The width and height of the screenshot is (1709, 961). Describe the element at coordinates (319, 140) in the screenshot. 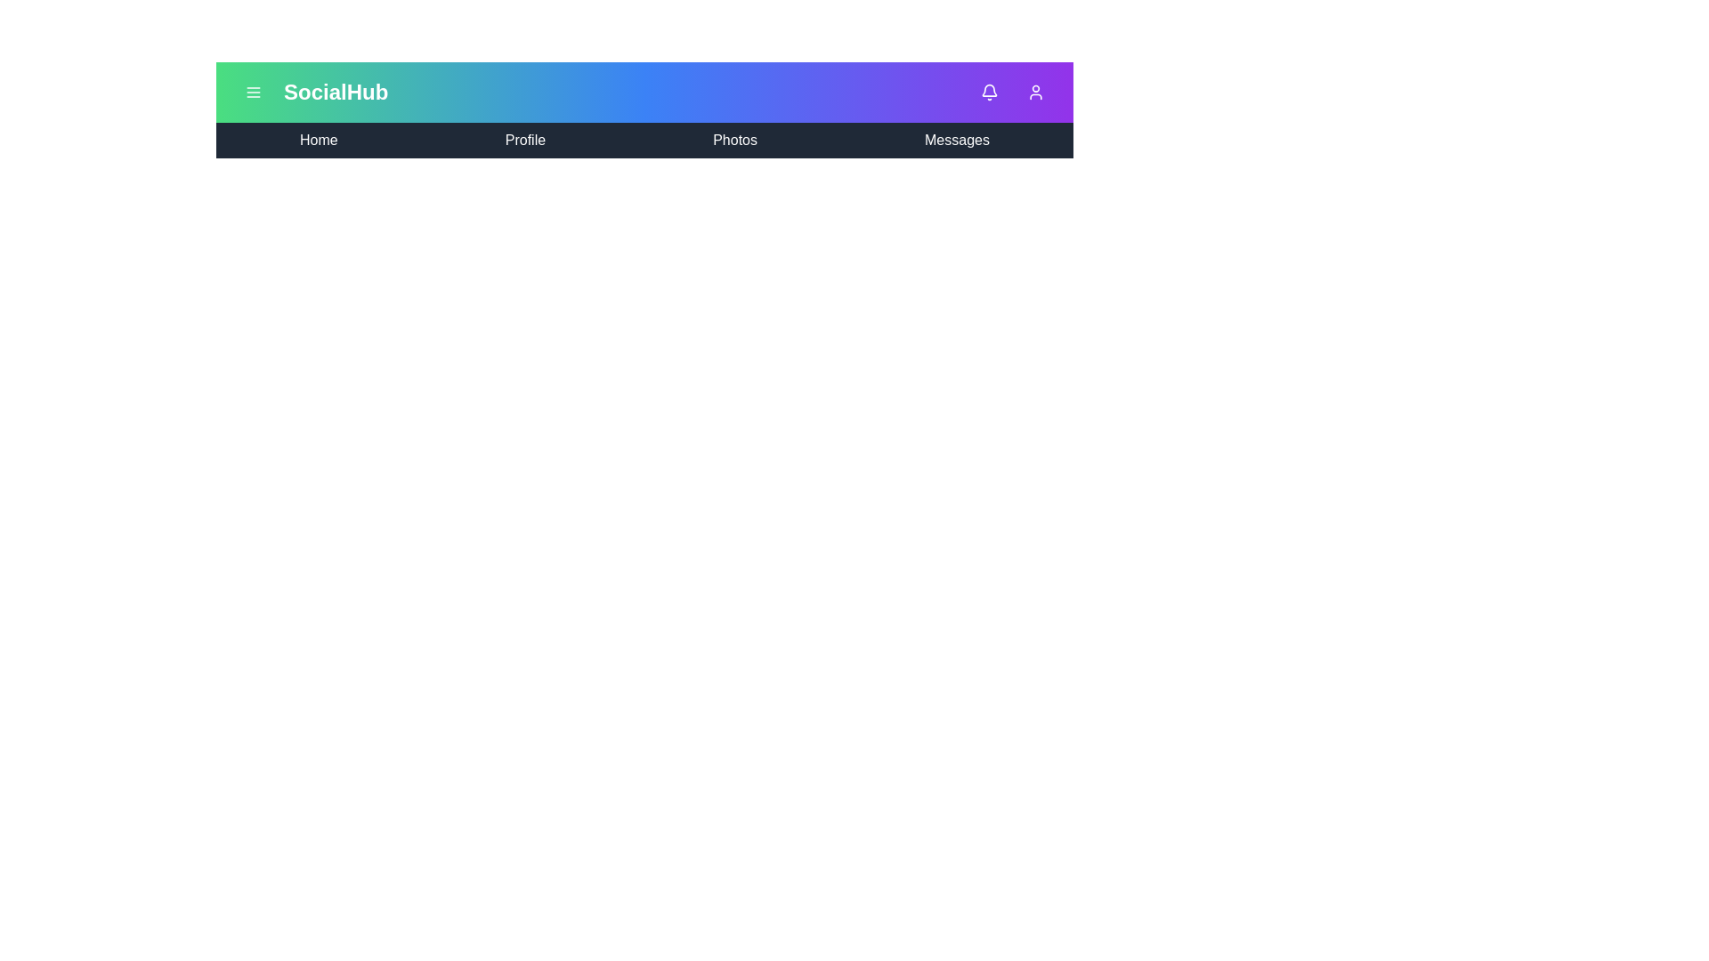

I see `the navigation item Home to navigate to the corresponding section` at that location.